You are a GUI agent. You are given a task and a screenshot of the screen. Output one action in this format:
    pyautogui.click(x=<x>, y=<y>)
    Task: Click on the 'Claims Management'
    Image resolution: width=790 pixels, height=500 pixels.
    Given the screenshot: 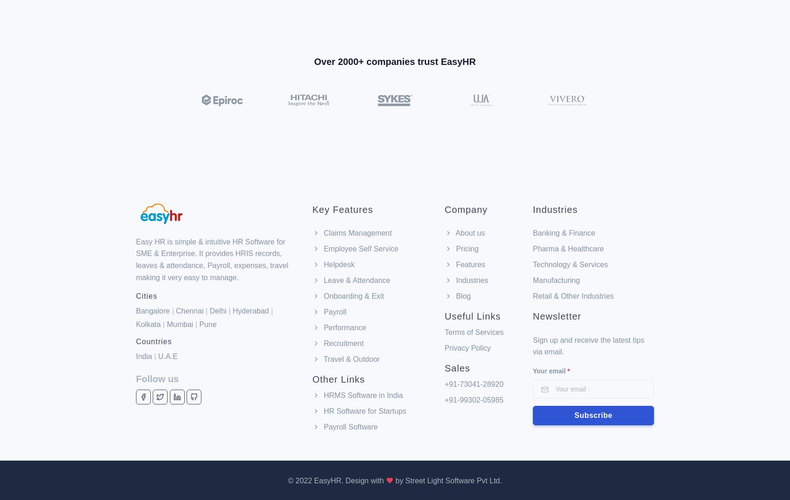 What is the action you would take?
    pyautogui.click(x=356, y=183)
    